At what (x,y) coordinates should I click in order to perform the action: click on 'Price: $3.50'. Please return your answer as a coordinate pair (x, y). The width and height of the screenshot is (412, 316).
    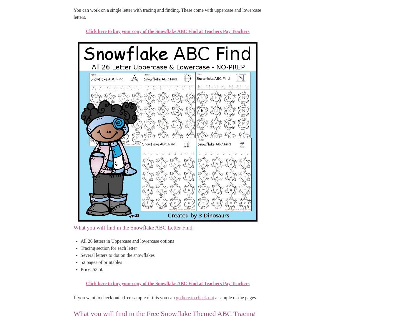
    Looking at the image, I should click on (92, 269).